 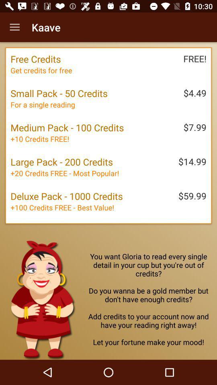 I want to click on the item above free credits icon, so click(x=14, y=27).